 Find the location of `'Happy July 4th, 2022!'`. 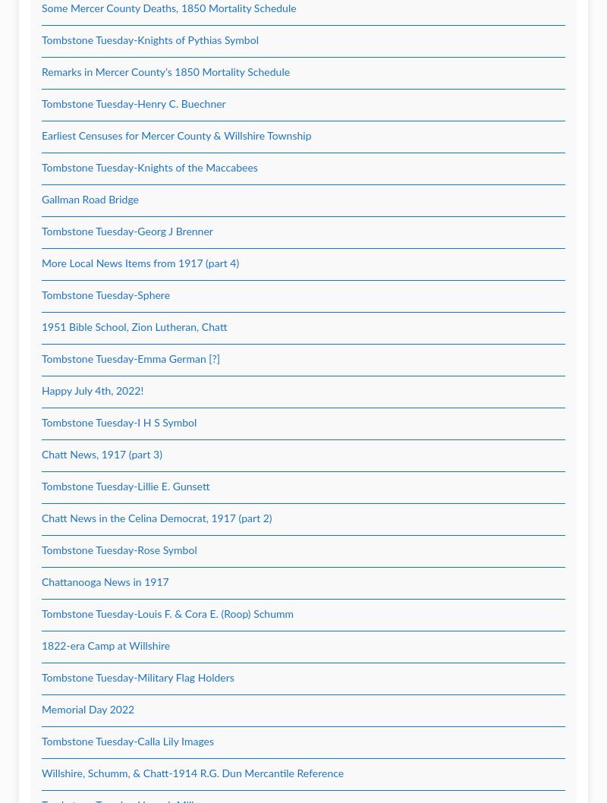

'Happy July 4th, 2022!' is located at coordinates (92, 390).